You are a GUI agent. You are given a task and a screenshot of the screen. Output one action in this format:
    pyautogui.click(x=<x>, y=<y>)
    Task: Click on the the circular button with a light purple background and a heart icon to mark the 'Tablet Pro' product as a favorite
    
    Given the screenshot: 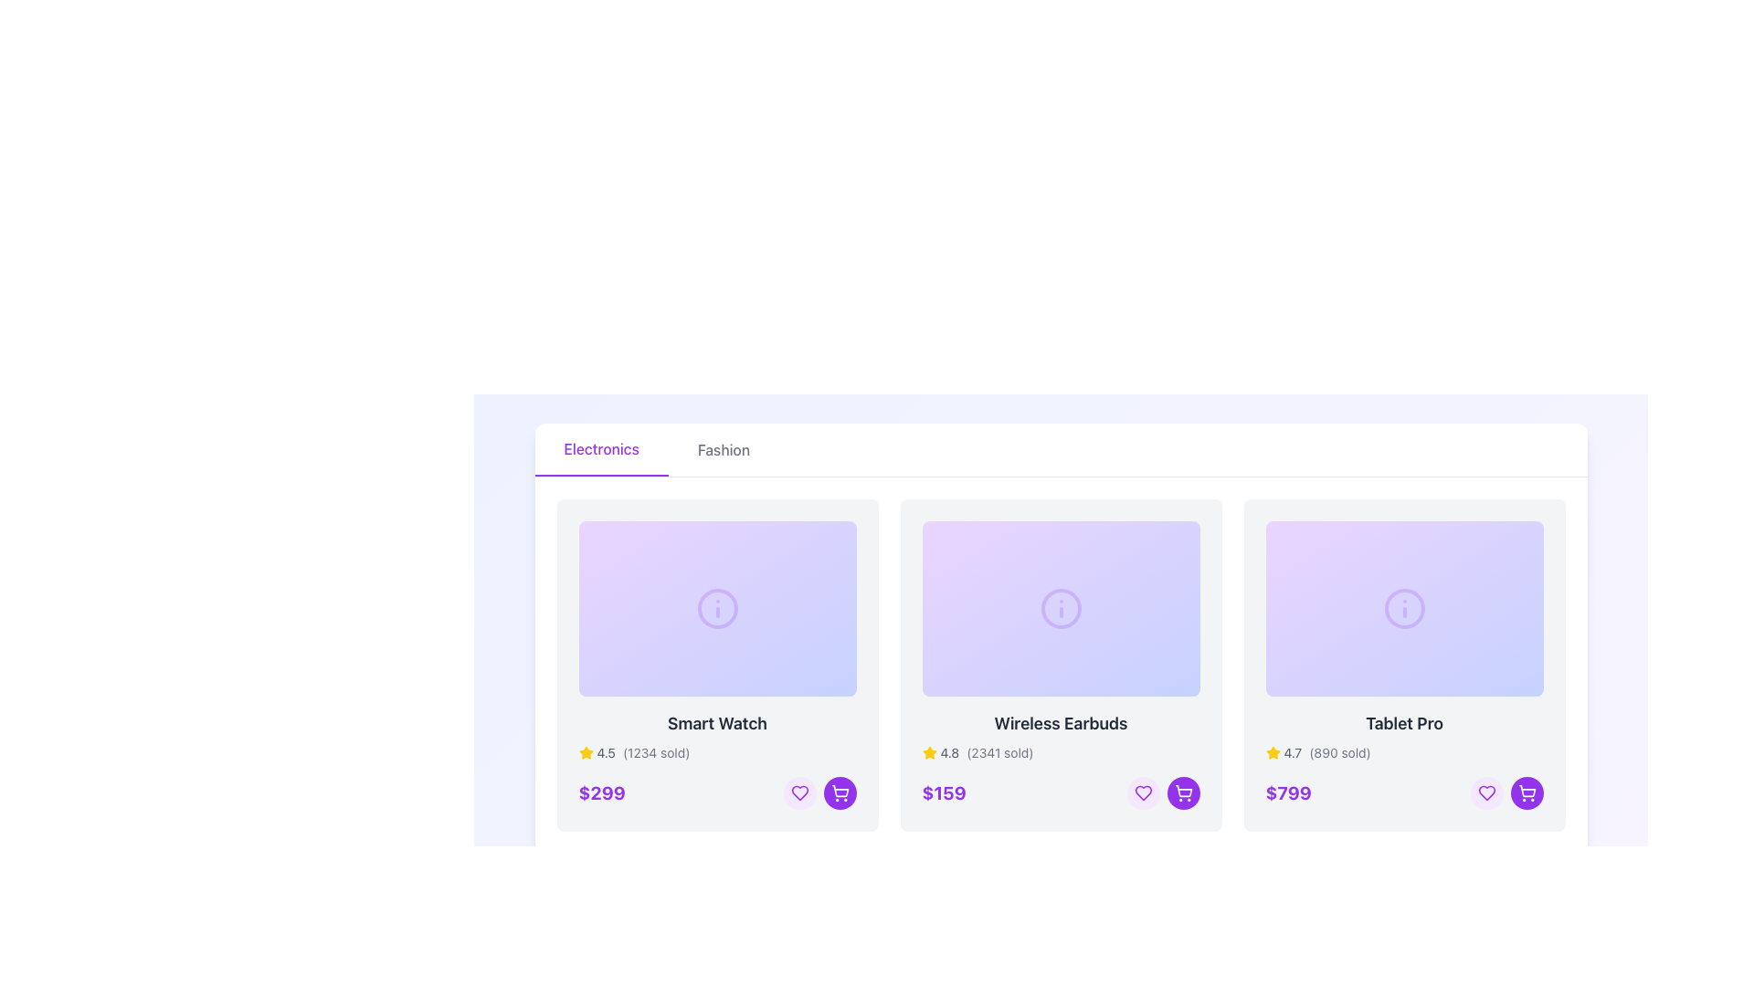 What is the action you would take?
    pyautogui.click(x=1486, y=792)
    